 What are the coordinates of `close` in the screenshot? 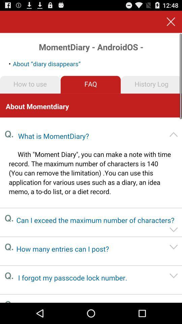 It's located at (171, 22).